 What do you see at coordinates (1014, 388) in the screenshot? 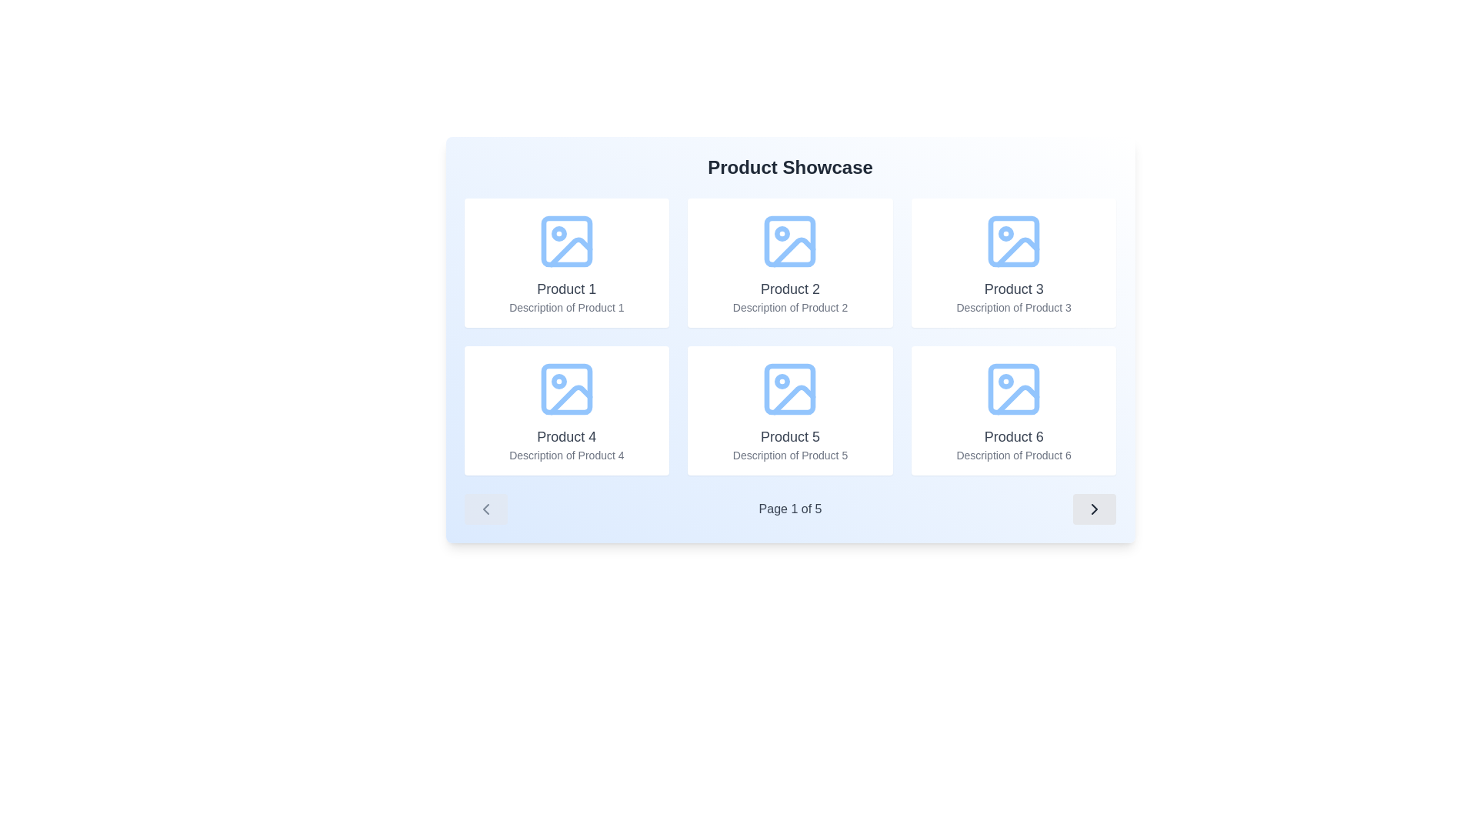
I see `the Decorative SVG element, which is a rectangular shape with rounded corners and a light blue outline, part of the picture icon for 'Product 6'` at bounding box center [1014, 388].